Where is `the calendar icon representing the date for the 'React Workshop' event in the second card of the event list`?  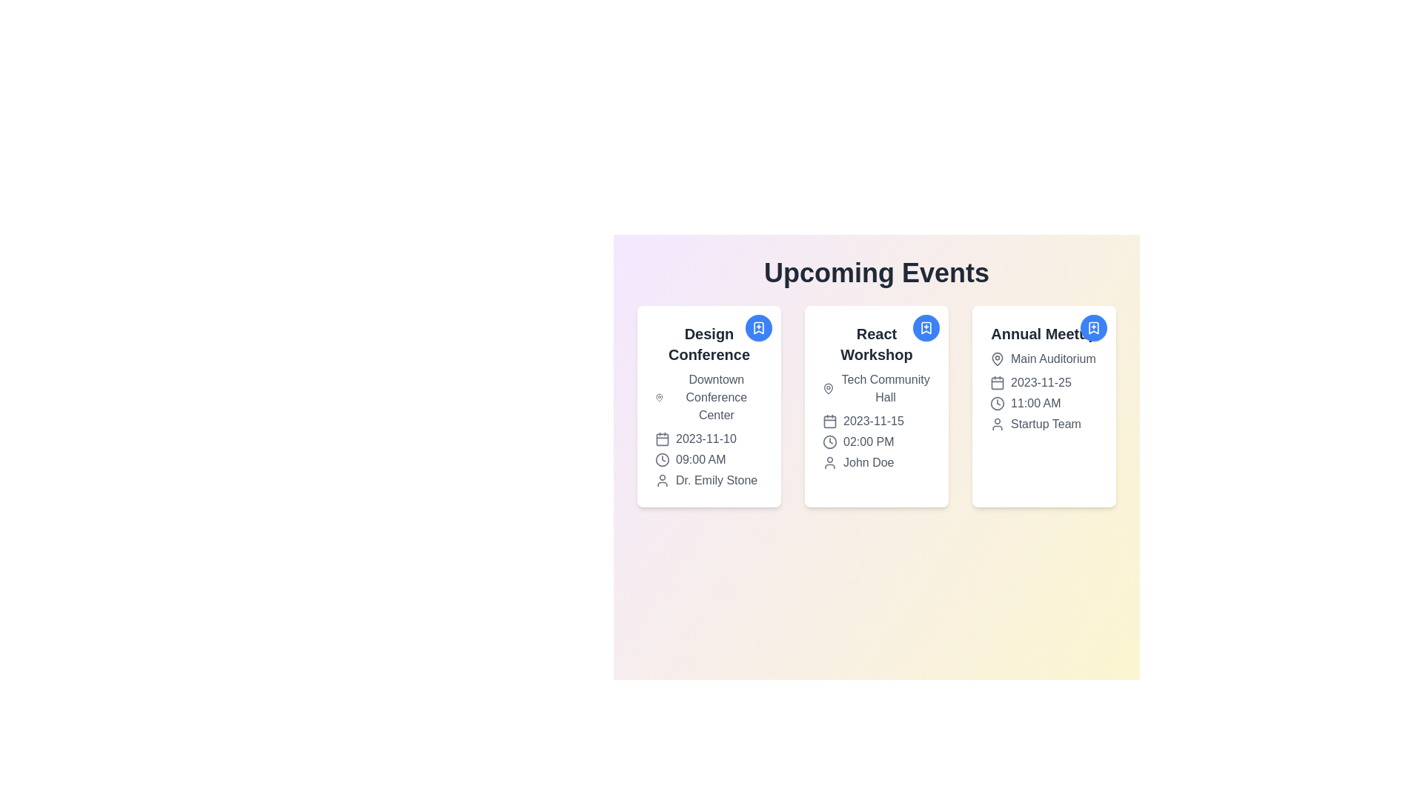 the calendar icon representing the date for the 'React Workshop' event in the second card of the event list is located at coordinates (829, 421).